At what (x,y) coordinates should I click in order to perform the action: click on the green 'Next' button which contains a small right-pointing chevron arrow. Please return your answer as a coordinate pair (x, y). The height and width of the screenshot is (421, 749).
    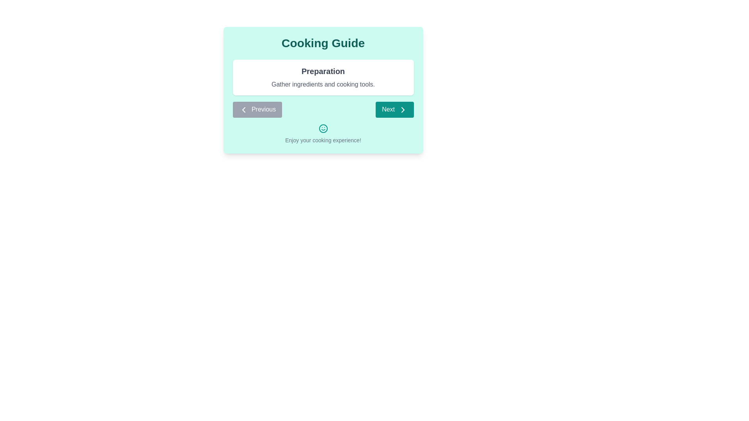
    Looking at the image, I should click on (403, 110).